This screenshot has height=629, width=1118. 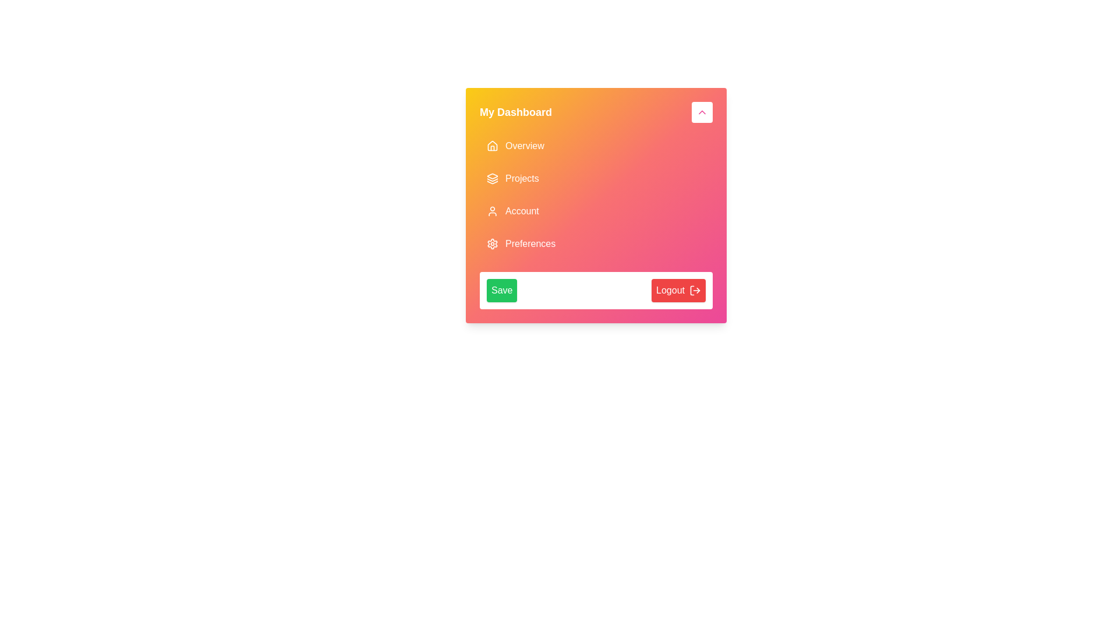 I want to click on the 'Preferences' text label within the menu panel, so click(x=530, y=243).